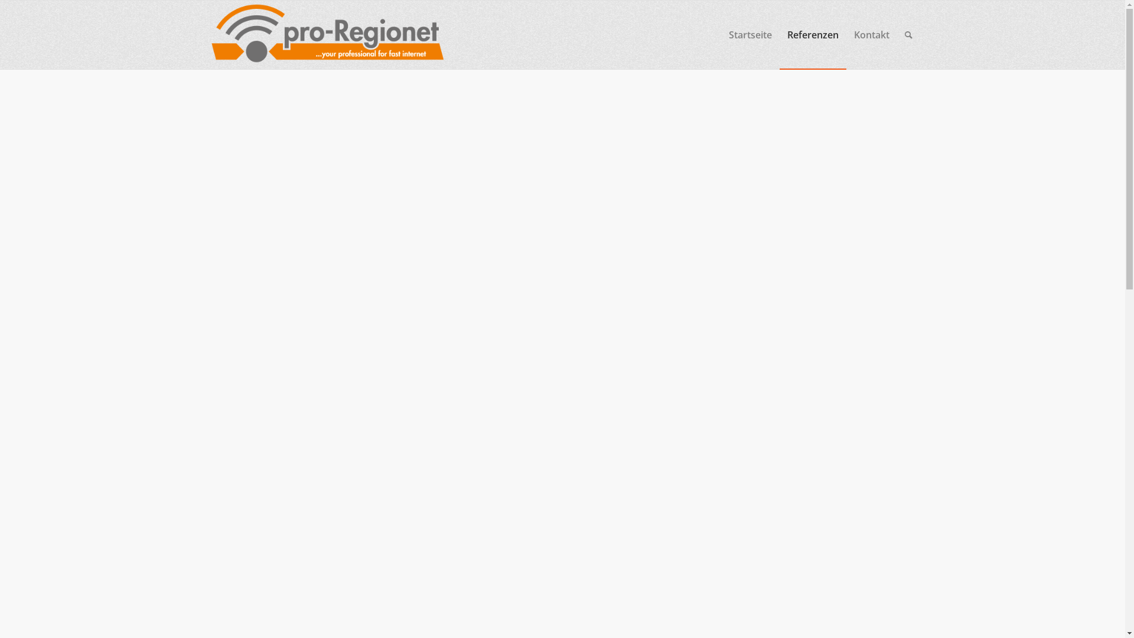 The image size is (1134, 638). I want to click on 'Startseite', so click(719, 34).